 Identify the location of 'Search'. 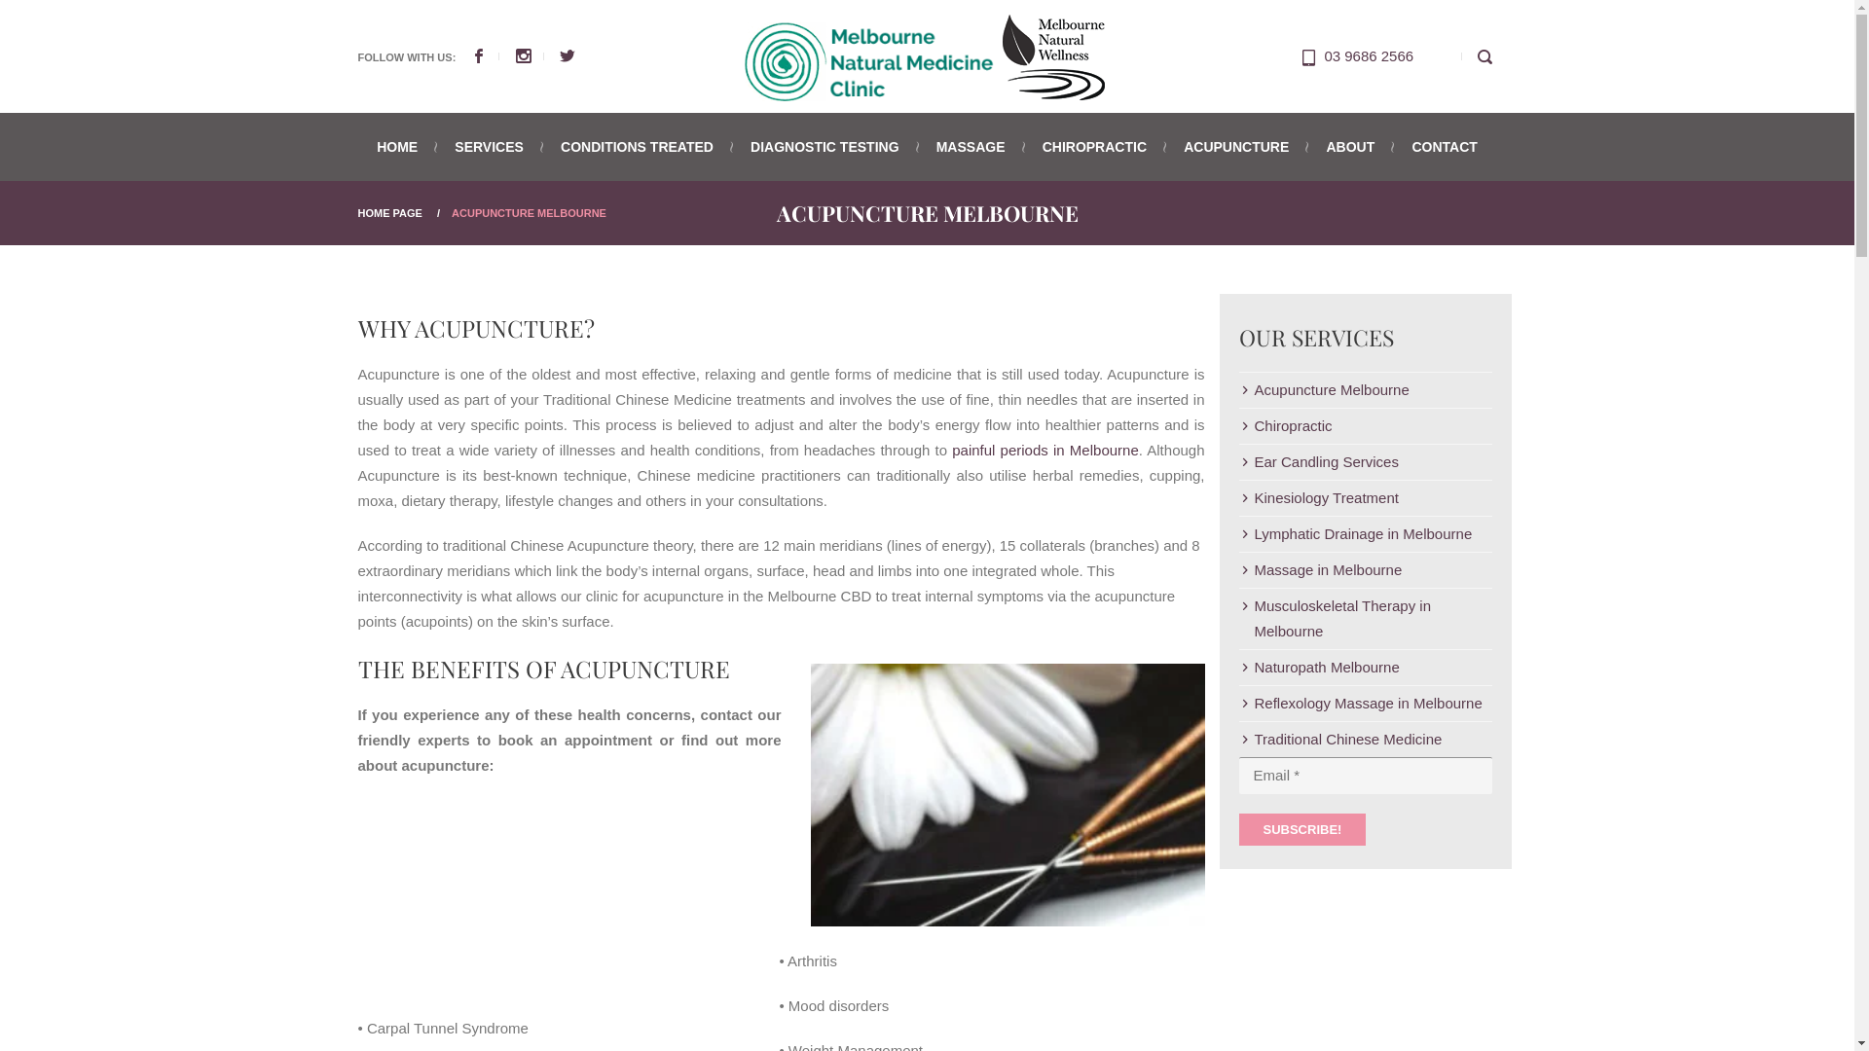
(1485, 54).